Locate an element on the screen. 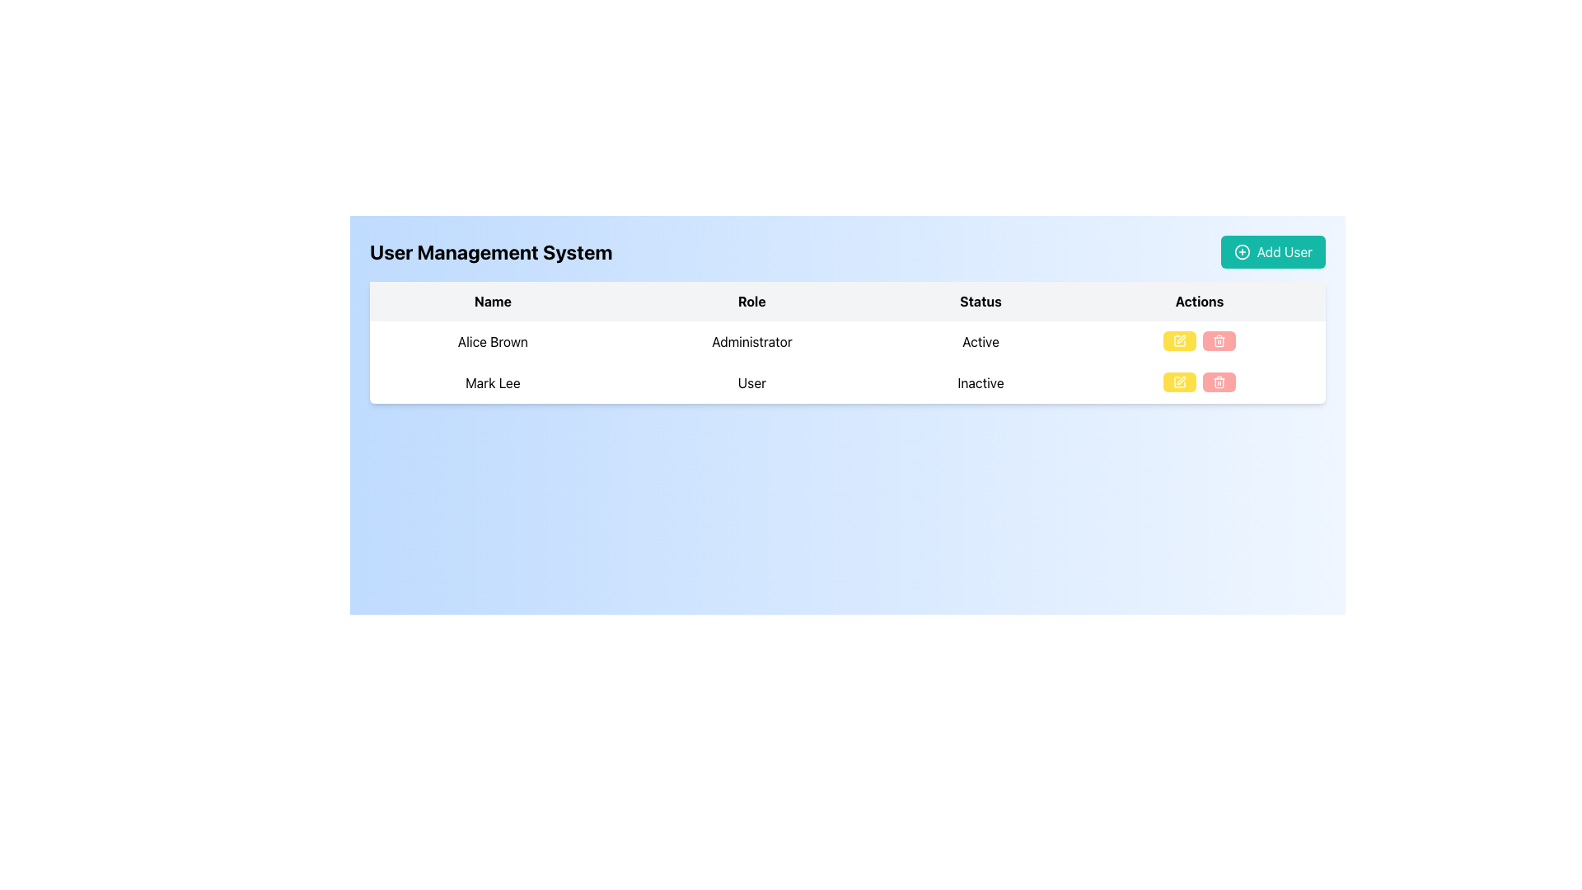 Image resolution: width=1582 pixels, height=890 pixels. the 'Add User' button with a teal background and white text in the top-right corner of the 'User Management System' section is located at coordinates (1272, 251).